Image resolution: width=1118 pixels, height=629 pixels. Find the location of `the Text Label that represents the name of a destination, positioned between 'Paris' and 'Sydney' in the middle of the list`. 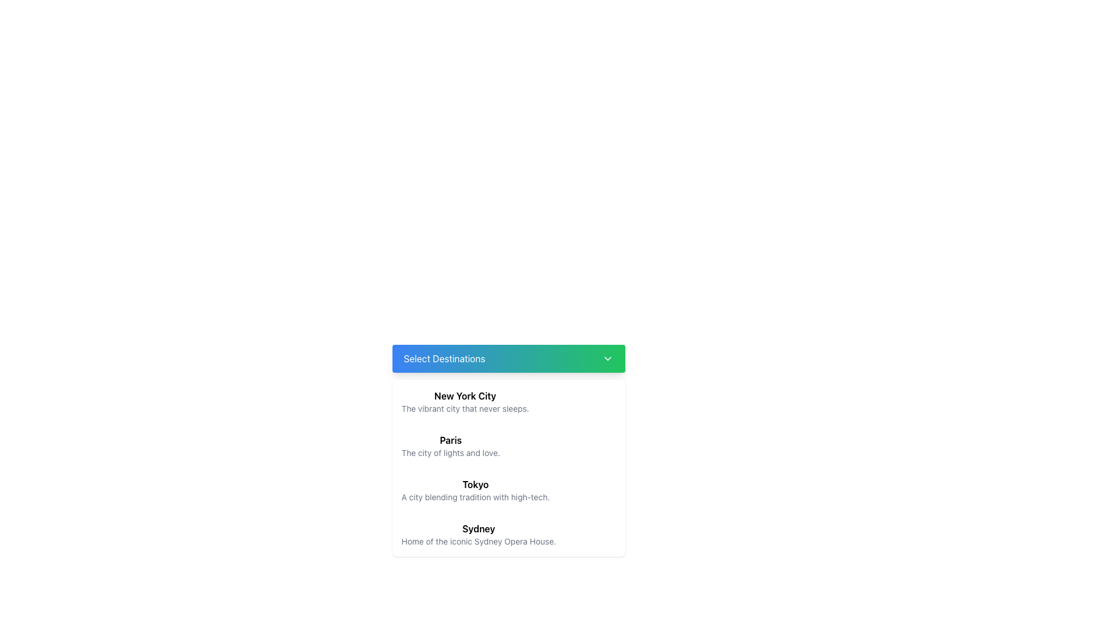

the Text Label that represents the name of a destination, positioned between 'Paris' and 'Sydney' in the middle of the list is located at coordinates (475, 485).